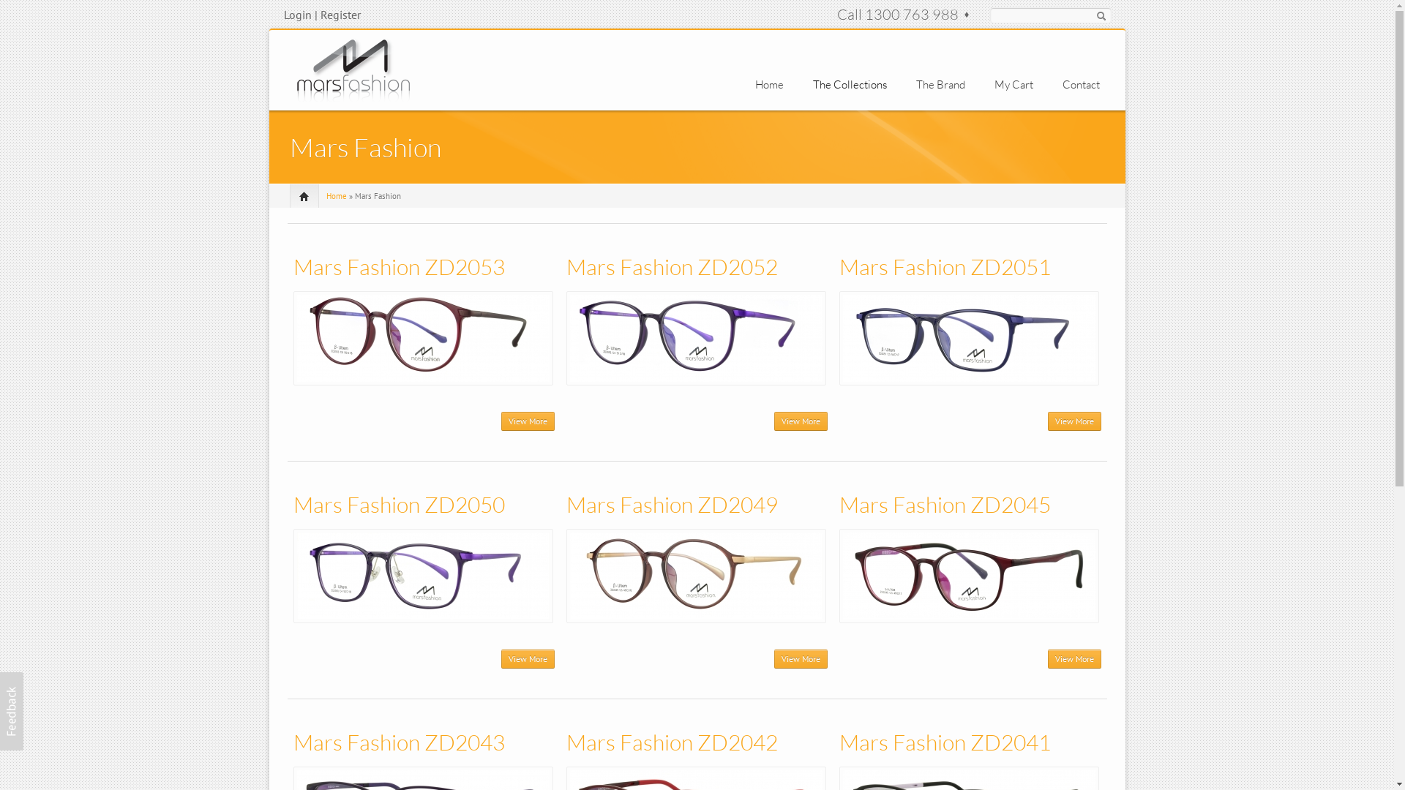 Image resolution: width=1405 pixels, height=790 pixels. Describe the element at coordinates (768, 84) in the screenshot. I see `'Home'` at that location.